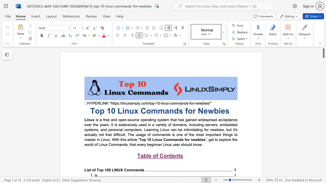  What do you see at coordinates (177, 140) in the screenshot?
I see `the subset text "nd" within the text "Top 10 Linux Commands"` at bounding box center [177, 140].